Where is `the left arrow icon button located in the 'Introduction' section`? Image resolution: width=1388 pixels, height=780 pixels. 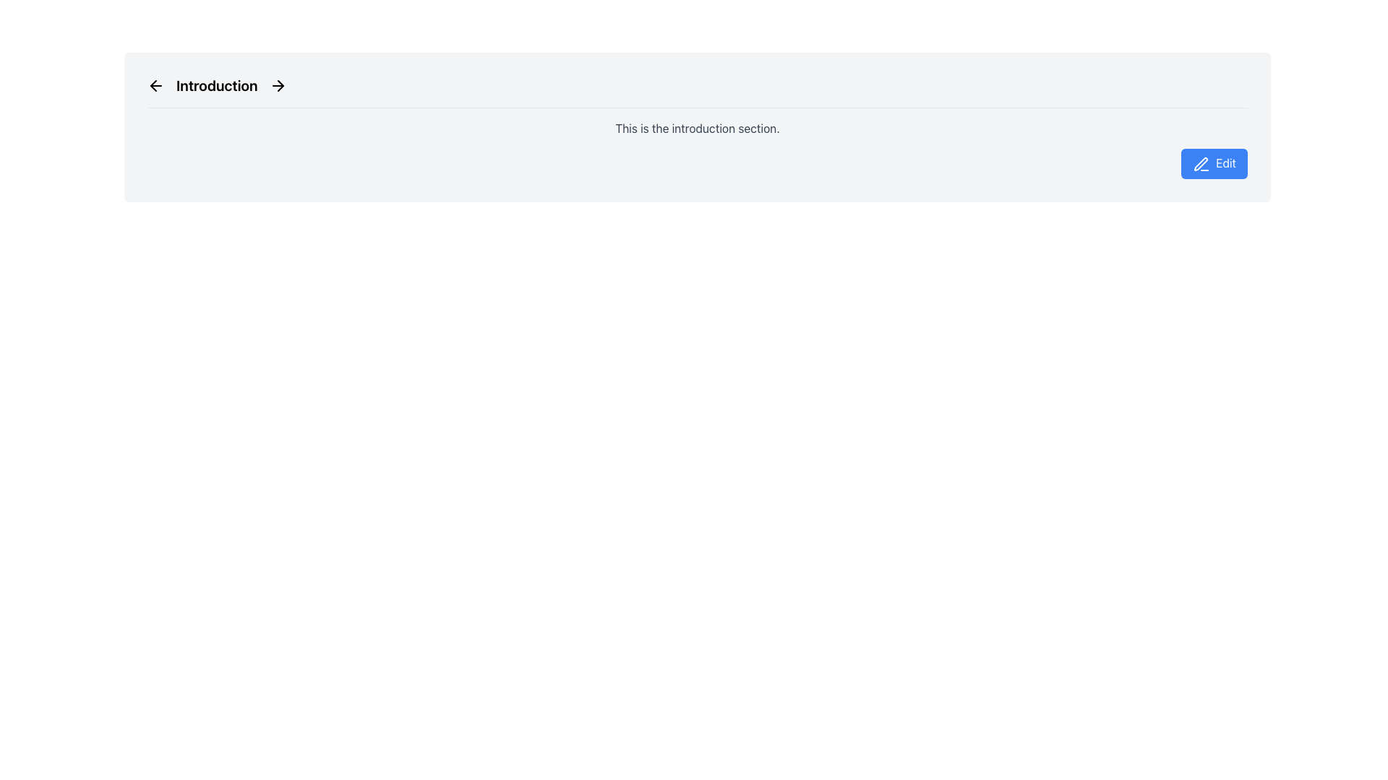
the left arrow icon button located in the 'Introduction' section is located at coordinates (156, 86).